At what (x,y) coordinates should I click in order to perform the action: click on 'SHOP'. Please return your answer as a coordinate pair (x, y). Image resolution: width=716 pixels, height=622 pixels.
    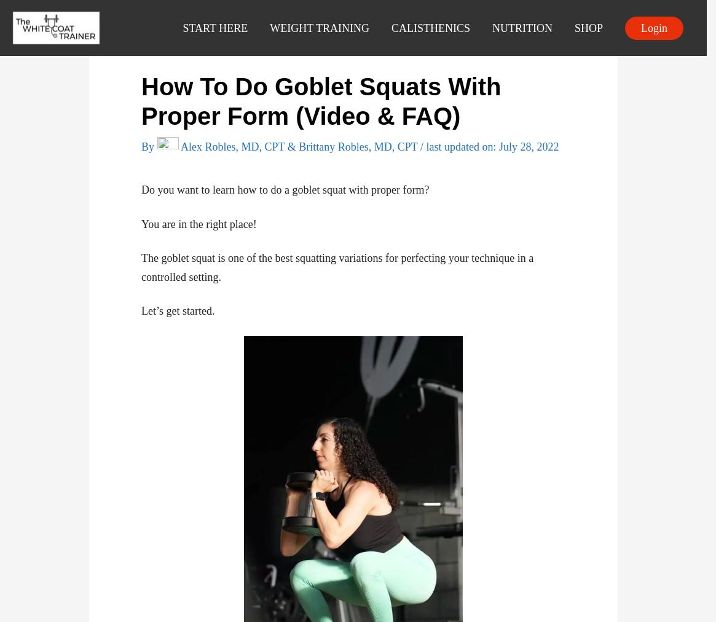
    Looking at the image, I should click on (588, 27).